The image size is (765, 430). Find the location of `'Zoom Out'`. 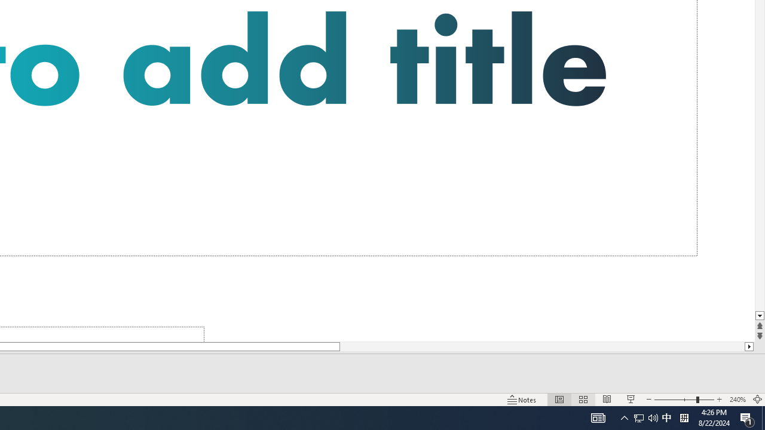

'Zoom Out' is located at coordinates (675, 400).